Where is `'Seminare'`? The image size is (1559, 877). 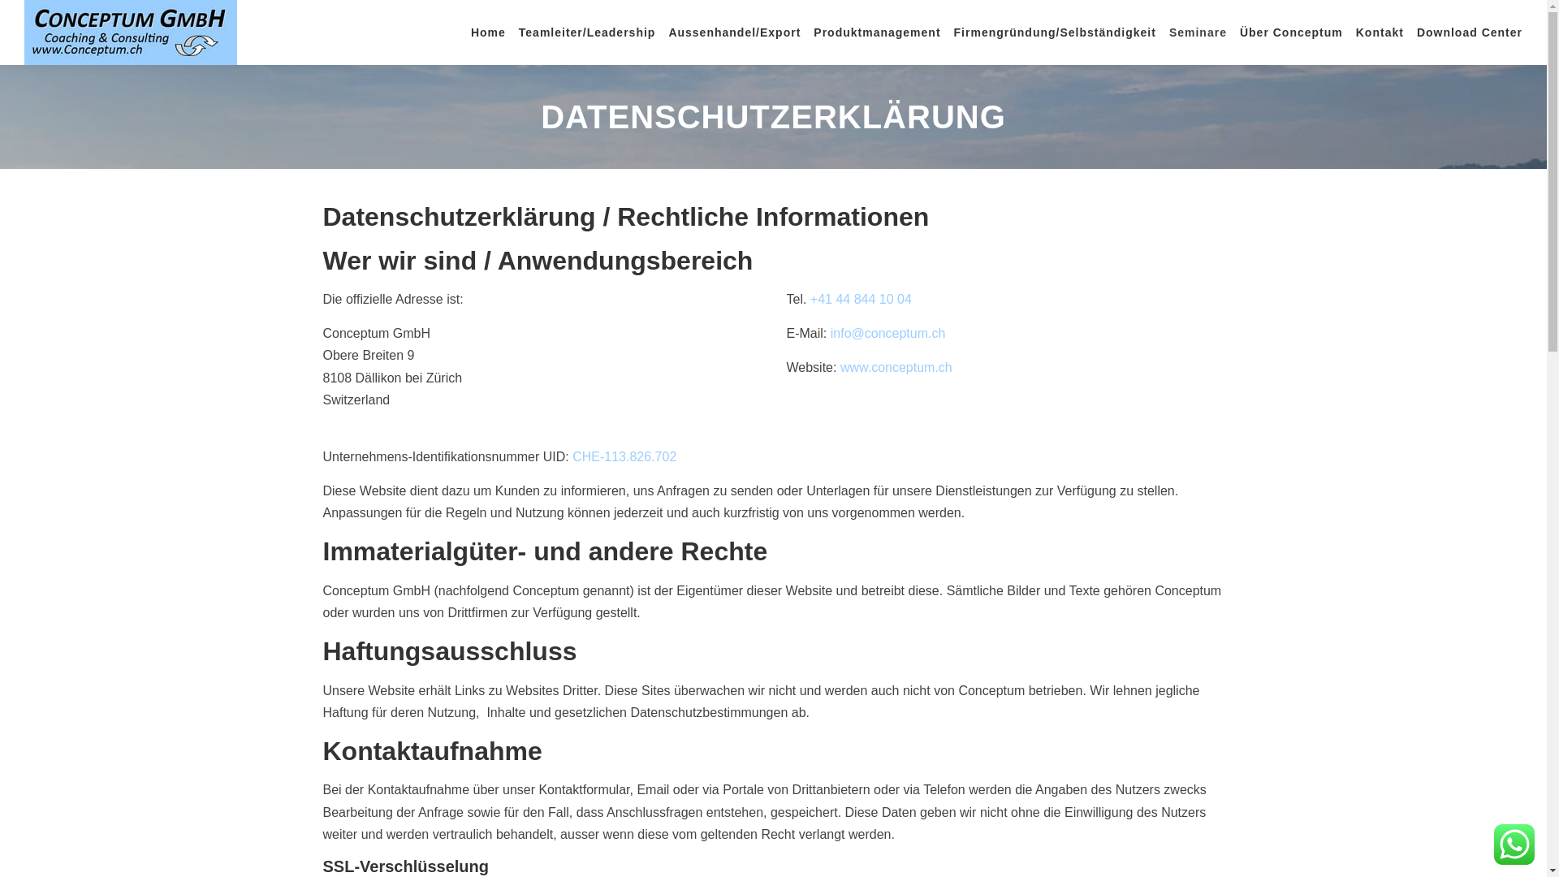
'Seminare' is located at coordinates (1198, 32).